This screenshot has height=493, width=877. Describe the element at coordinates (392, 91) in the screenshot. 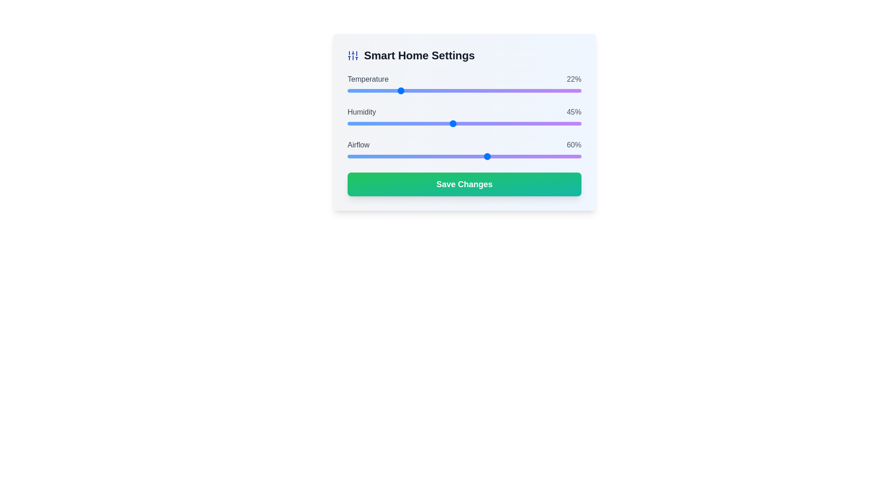

I see `temperature slider` at that location.